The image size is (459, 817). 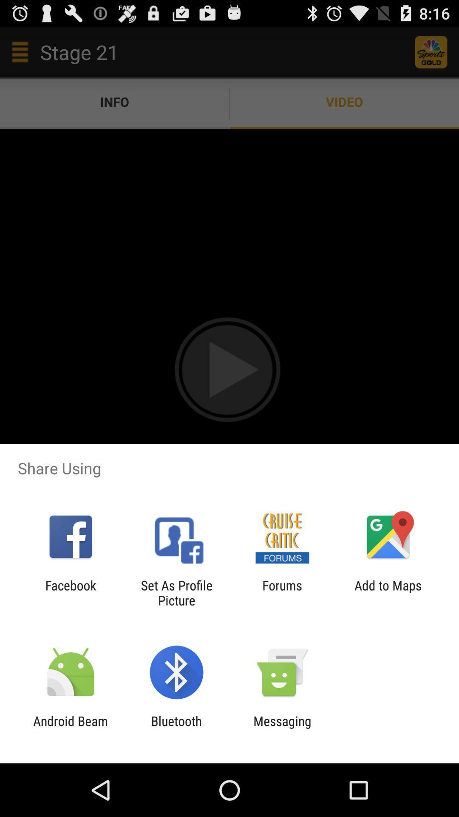 What do you see at coordinates (282, 728) in the screenshot?
I see `messaging` at bounding box center [282, 728].